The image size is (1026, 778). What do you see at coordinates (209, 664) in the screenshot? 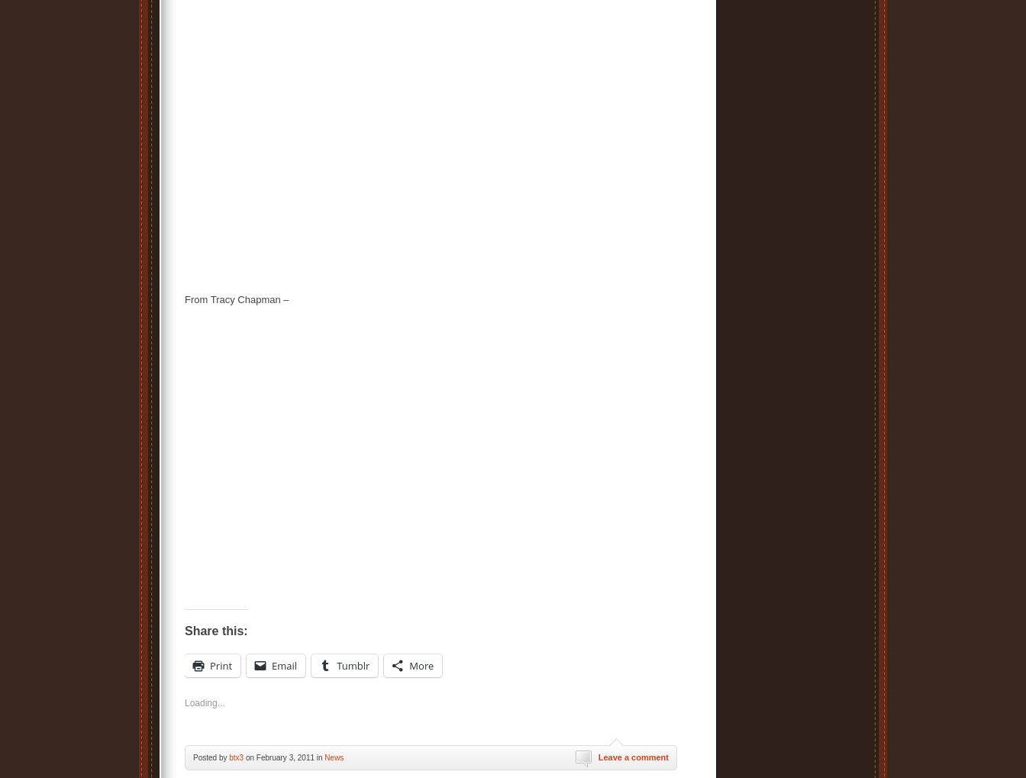
I see `'Print'` at bounding box center [209, 664].